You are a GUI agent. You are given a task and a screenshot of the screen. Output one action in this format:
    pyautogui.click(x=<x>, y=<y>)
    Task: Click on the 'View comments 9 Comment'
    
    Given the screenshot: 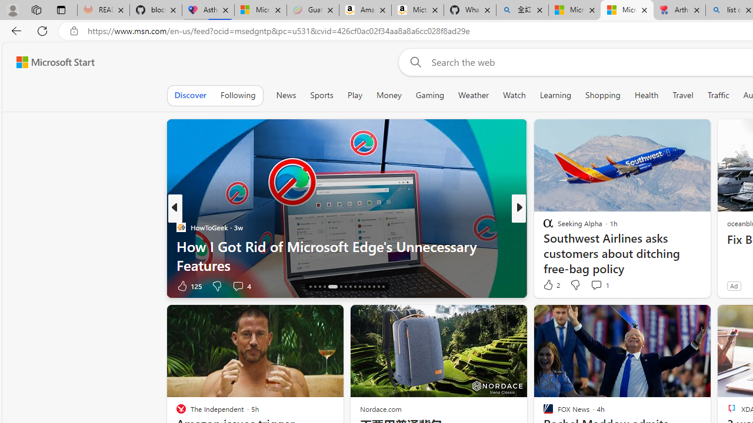 What is the action you would take?
    pyautogui.click(x=600, y=286)
    